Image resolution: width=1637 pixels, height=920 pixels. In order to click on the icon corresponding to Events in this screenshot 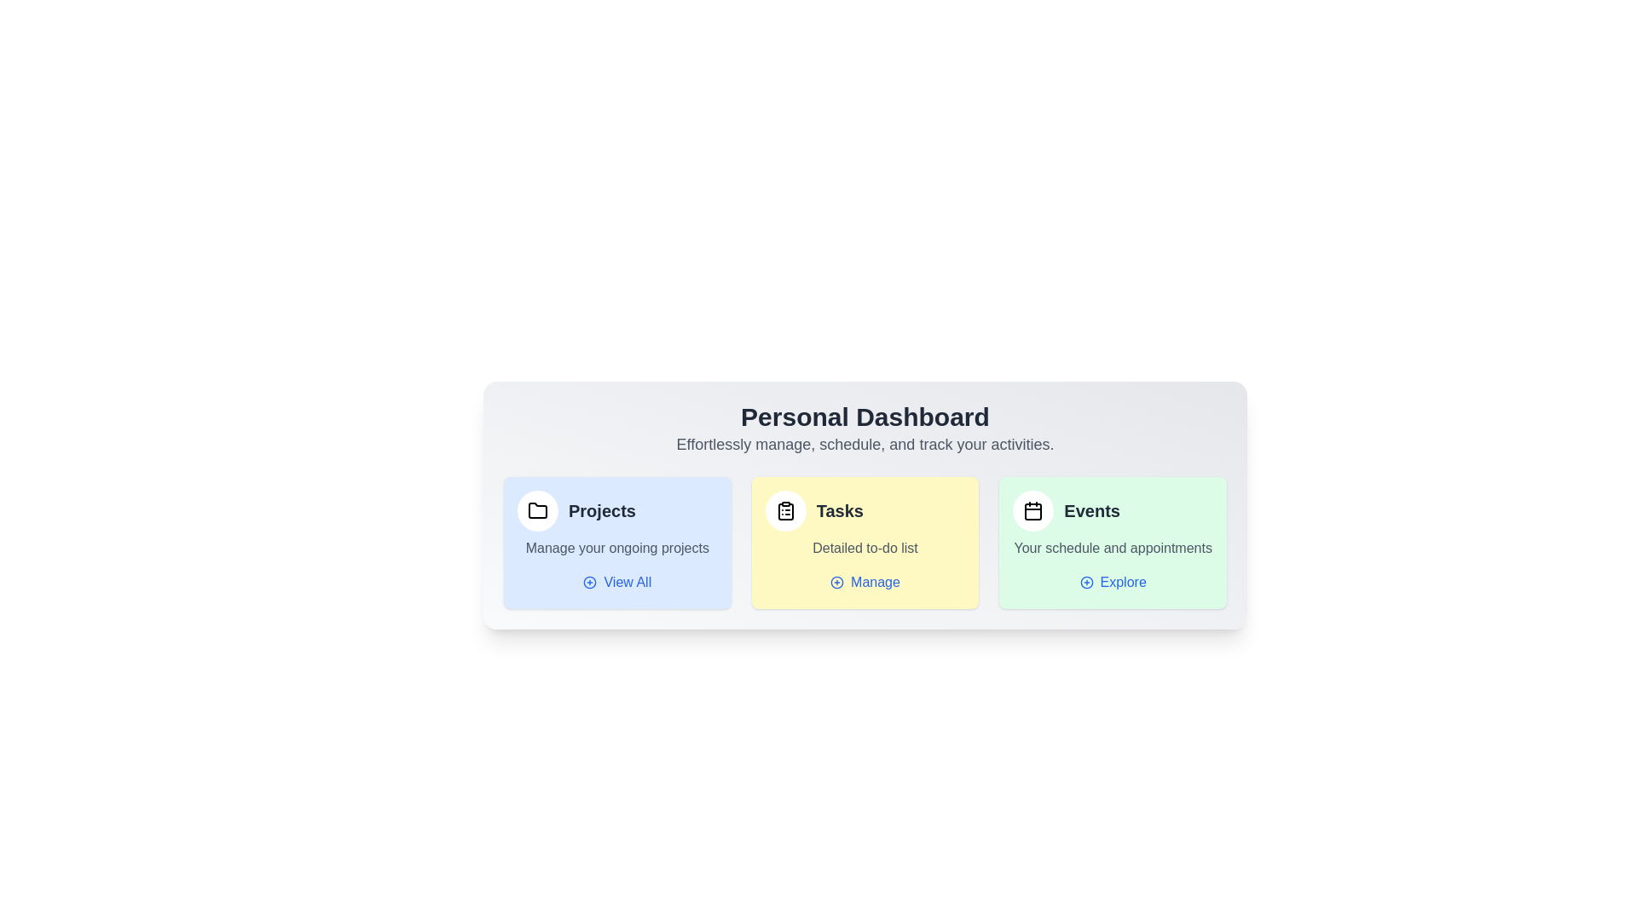, I will do `click(1032, 510)`.